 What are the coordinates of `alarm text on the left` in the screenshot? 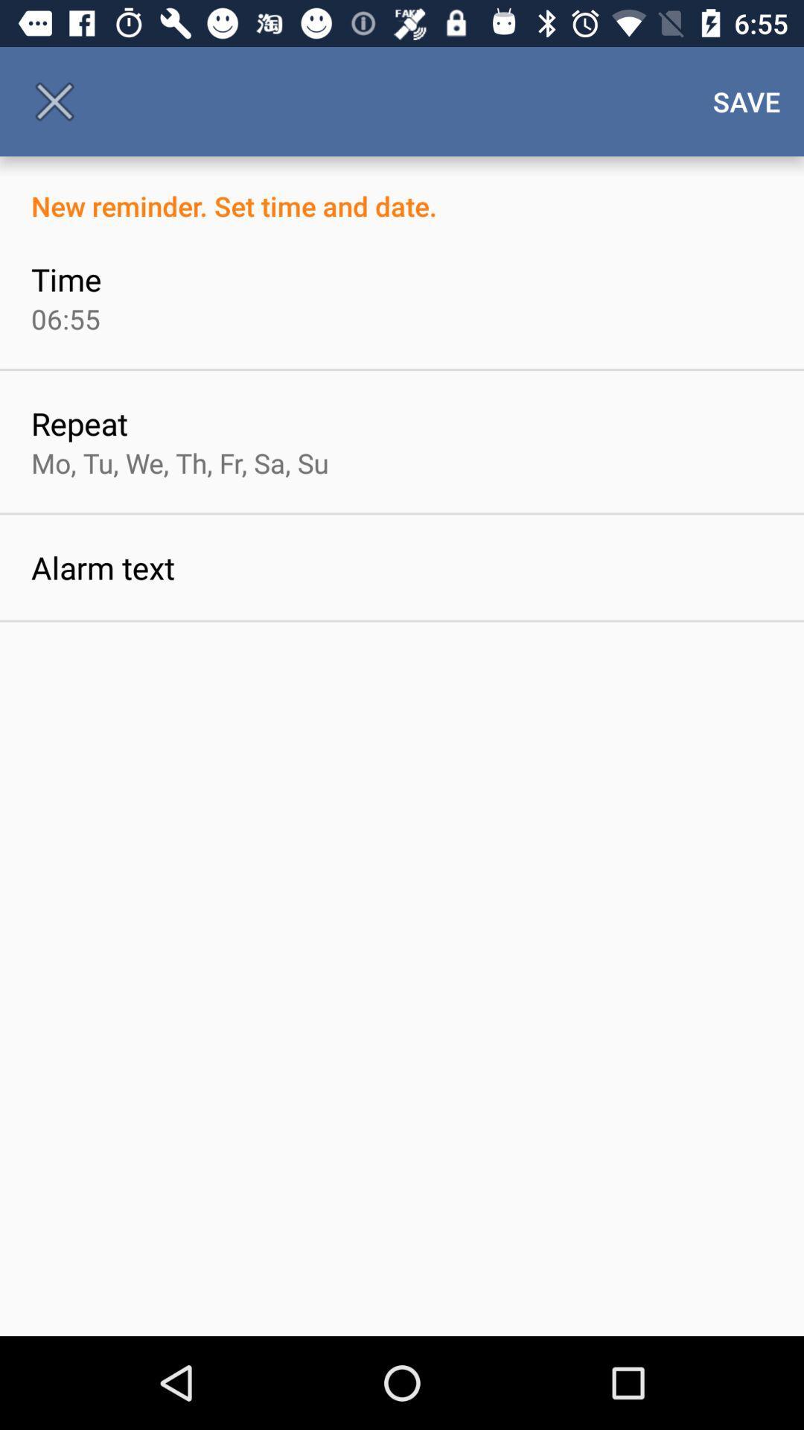 It's located at (102, 567).